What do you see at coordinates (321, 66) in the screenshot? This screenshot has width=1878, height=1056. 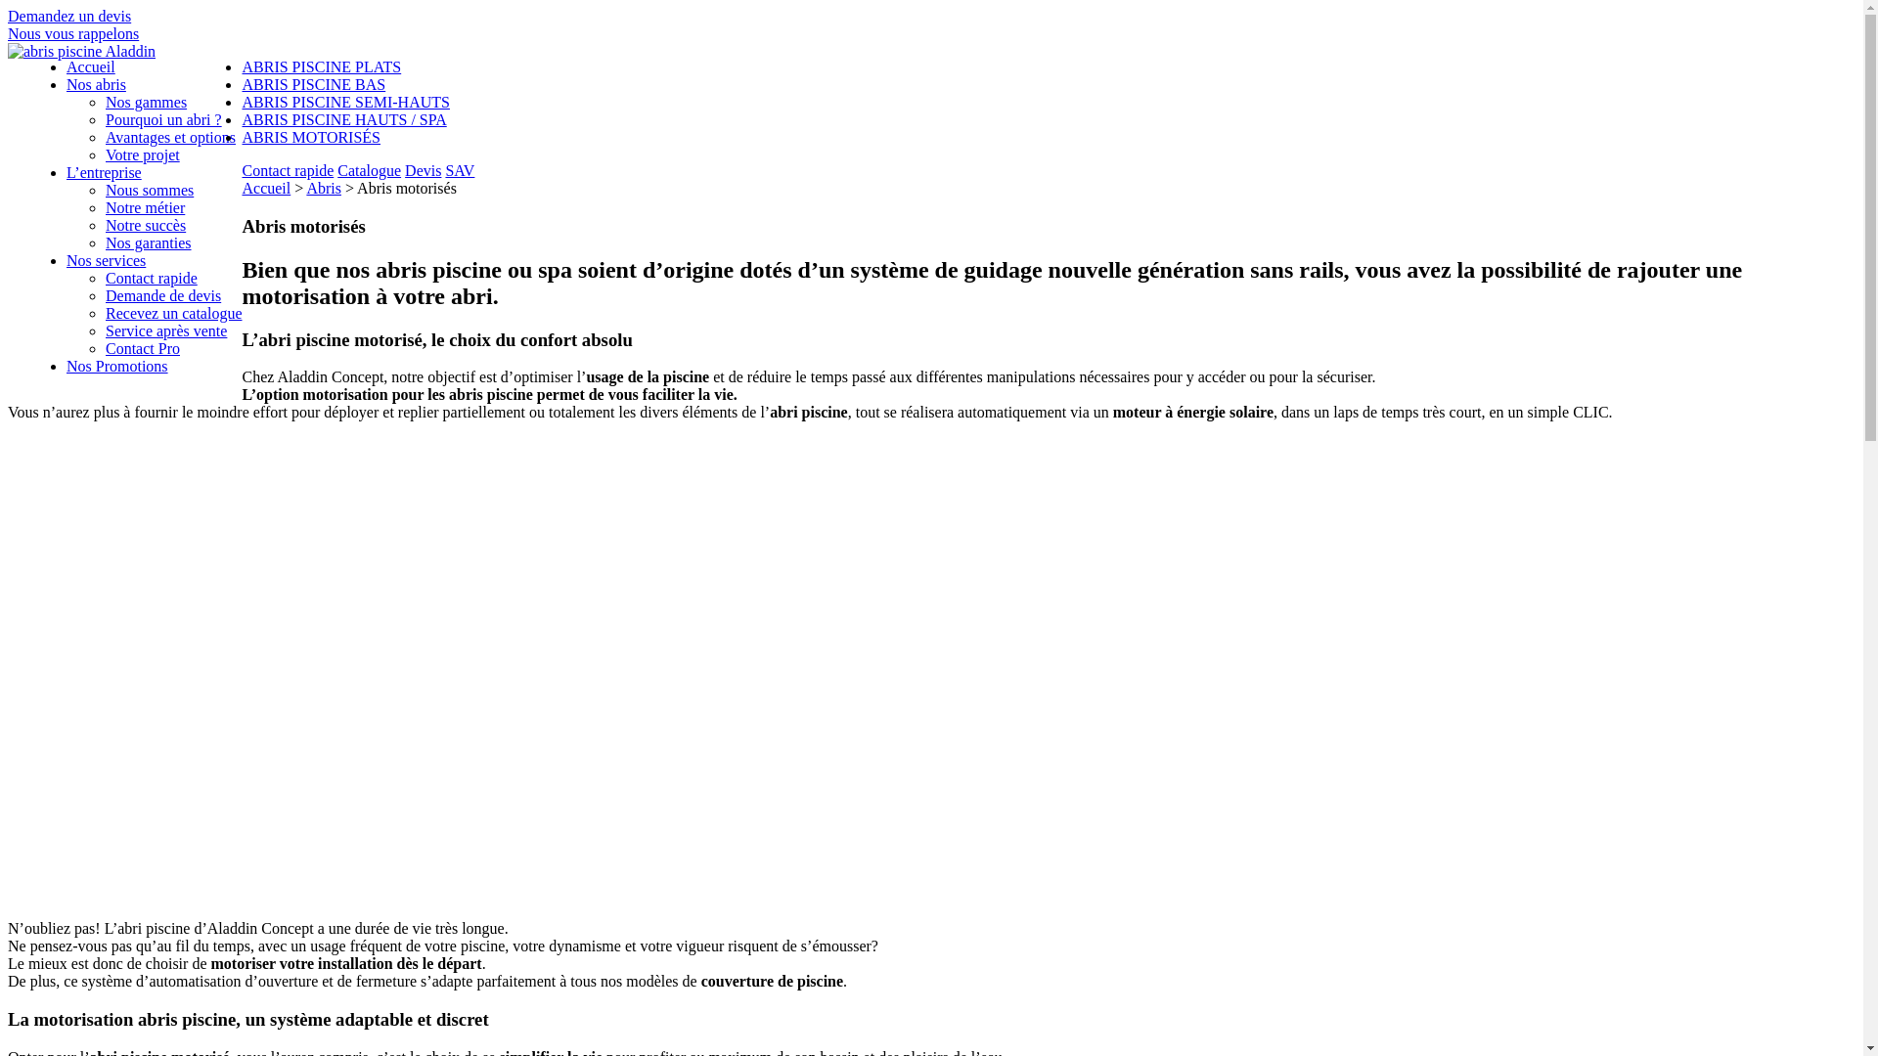 I see `'ABRIS PISCINE PLATS'` at bounding box center [321, 66].